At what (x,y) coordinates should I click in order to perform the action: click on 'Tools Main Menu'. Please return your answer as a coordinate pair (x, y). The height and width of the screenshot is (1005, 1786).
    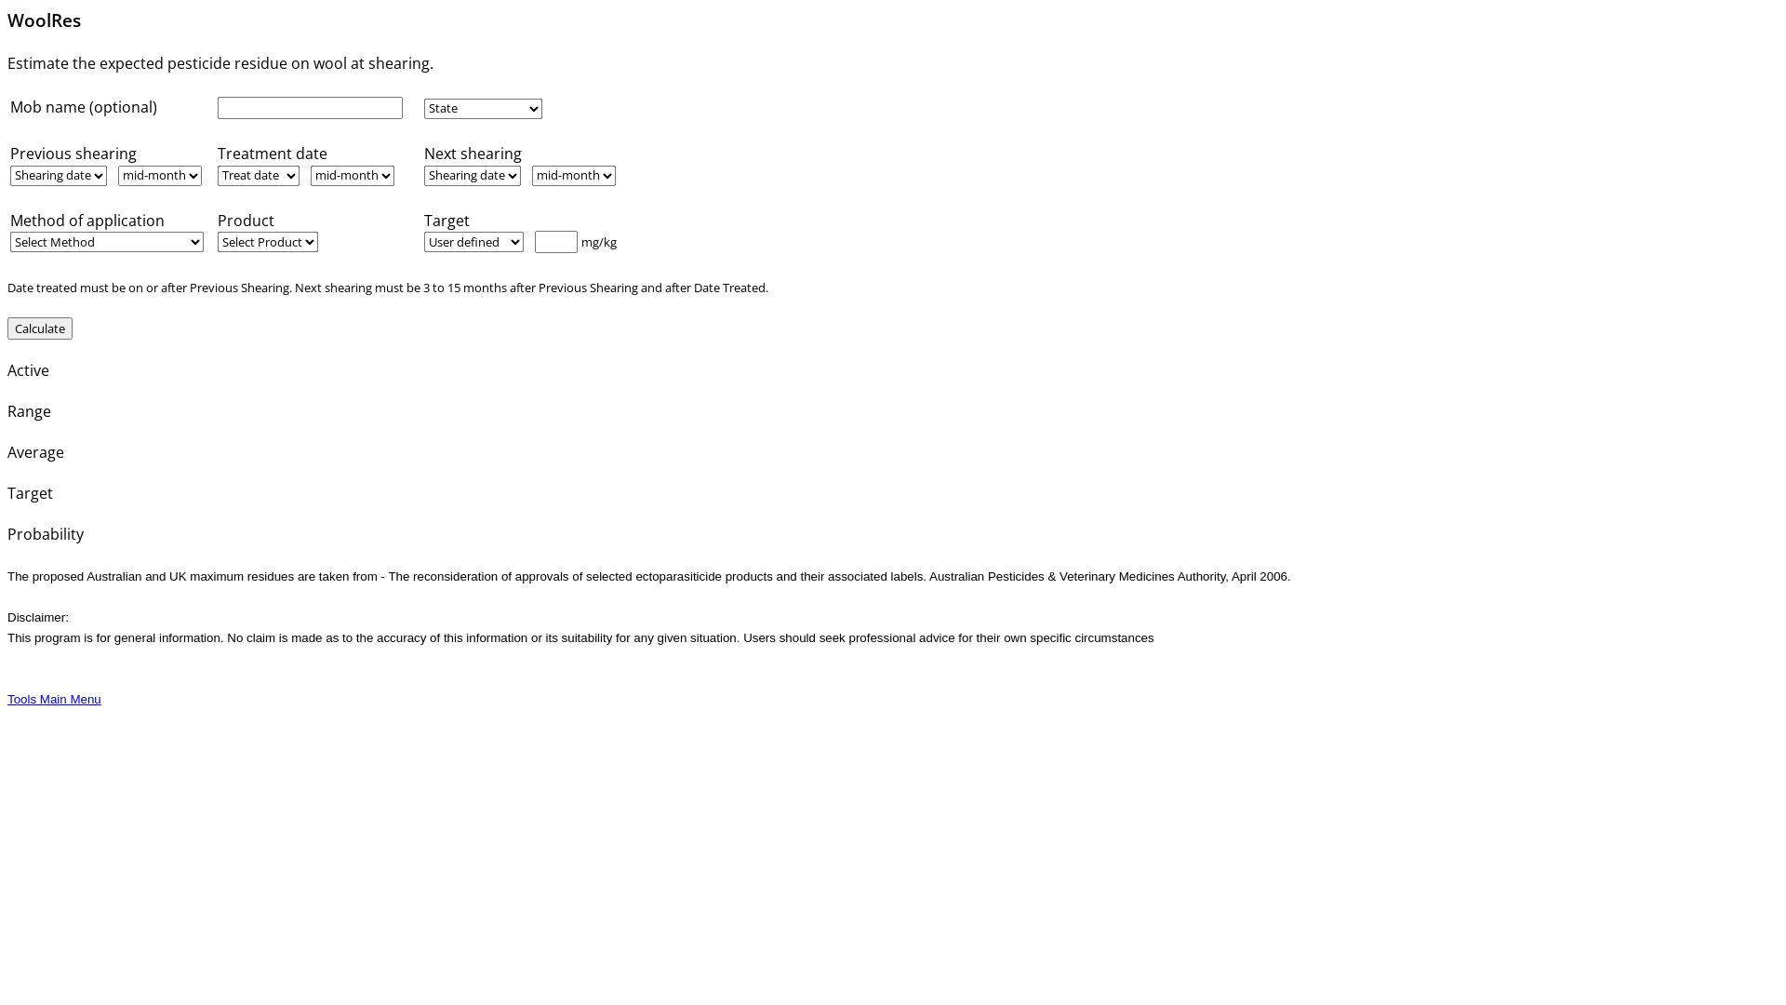
    Looking at the image, I should click on (54, 699).